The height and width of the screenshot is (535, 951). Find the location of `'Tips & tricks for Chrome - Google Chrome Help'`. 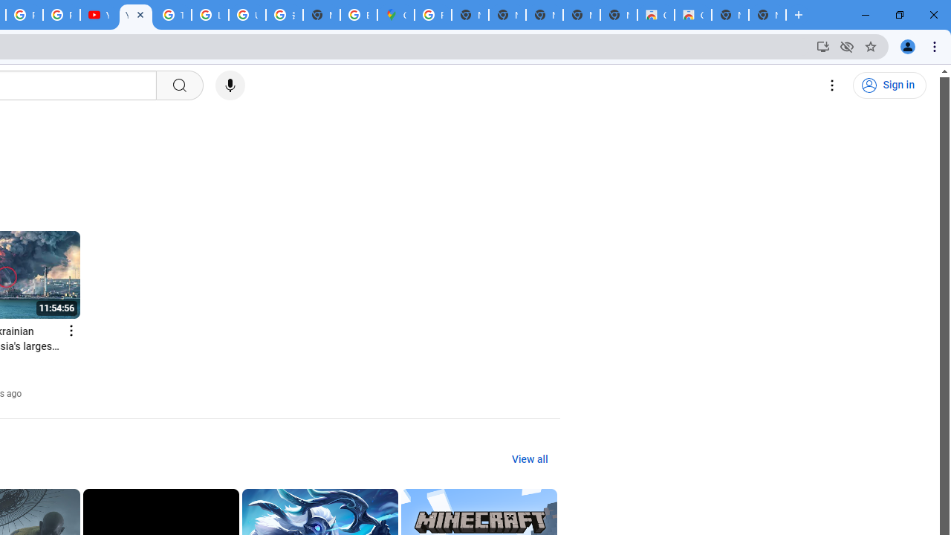

'Tips & tricks for Chrome - Google Chrome Help' is located at coordinates (172, 15).